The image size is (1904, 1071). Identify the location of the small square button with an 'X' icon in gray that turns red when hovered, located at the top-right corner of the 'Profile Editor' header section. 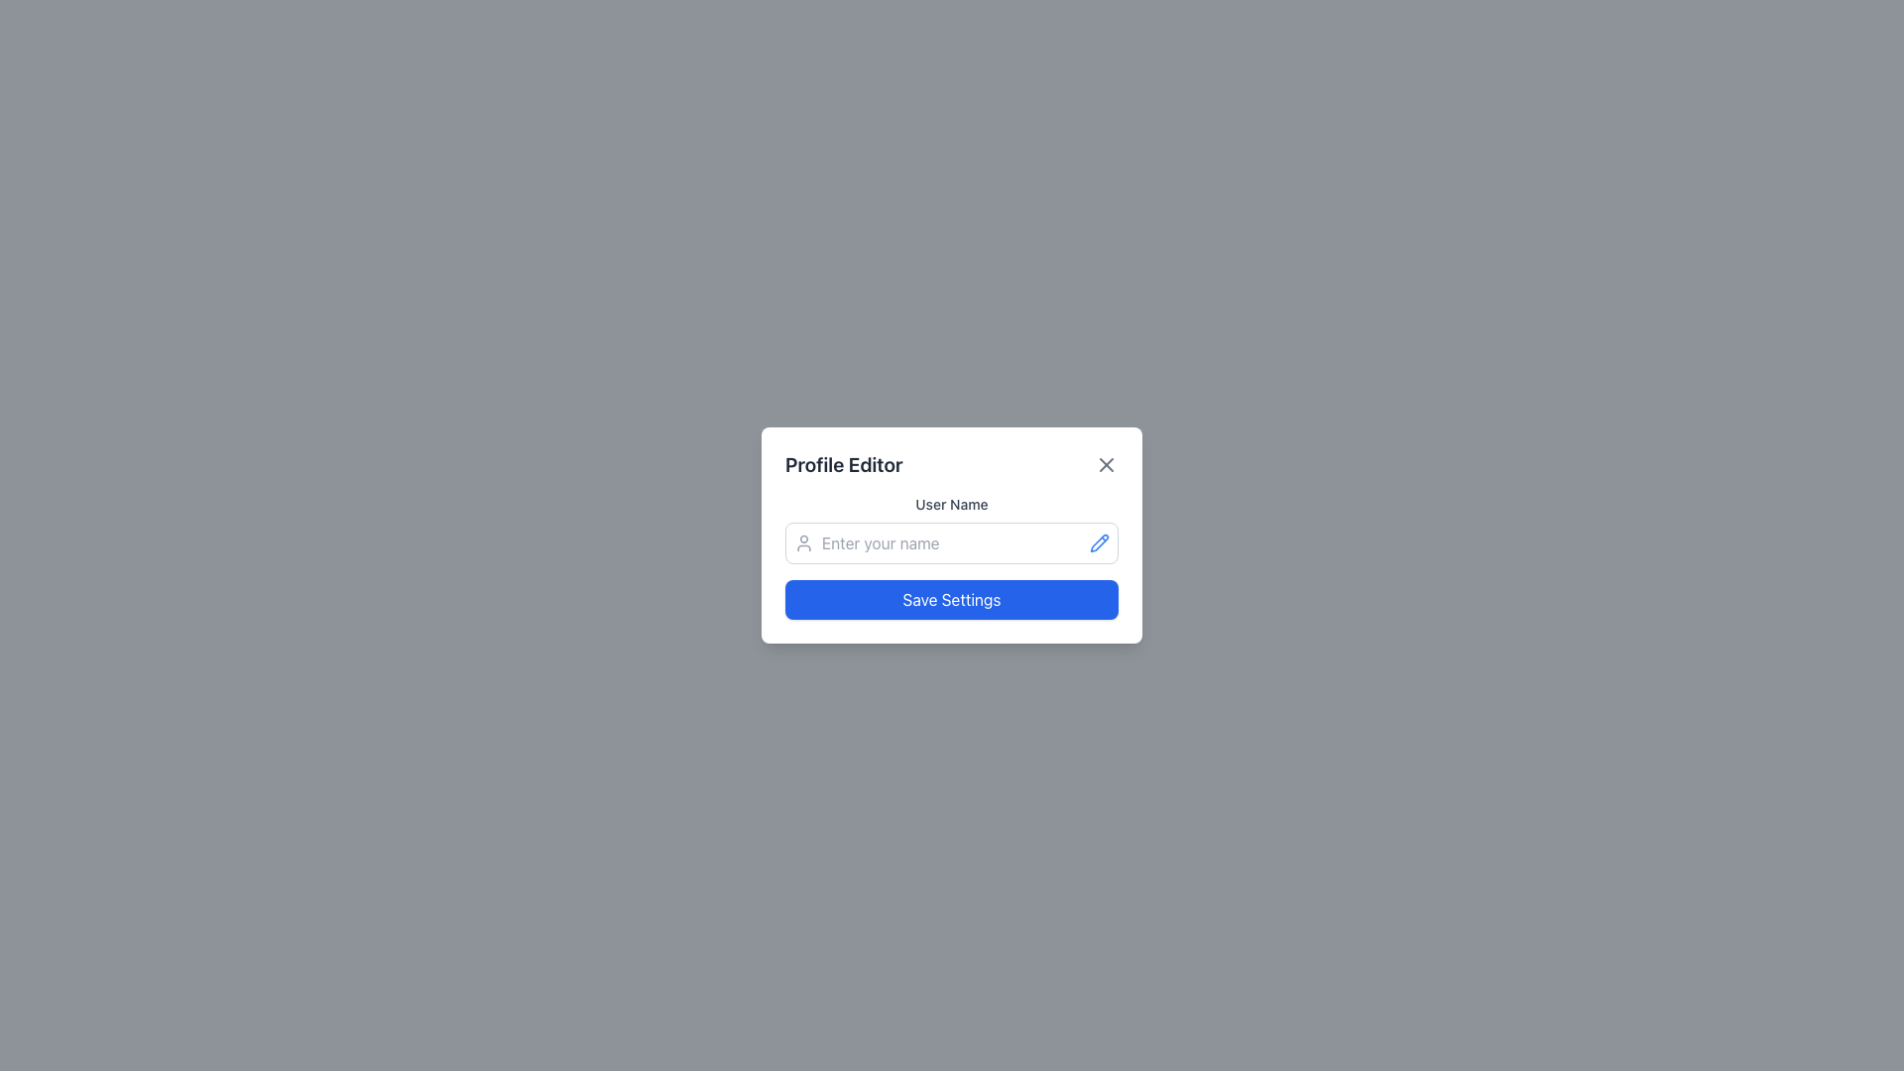
(1106, 465).